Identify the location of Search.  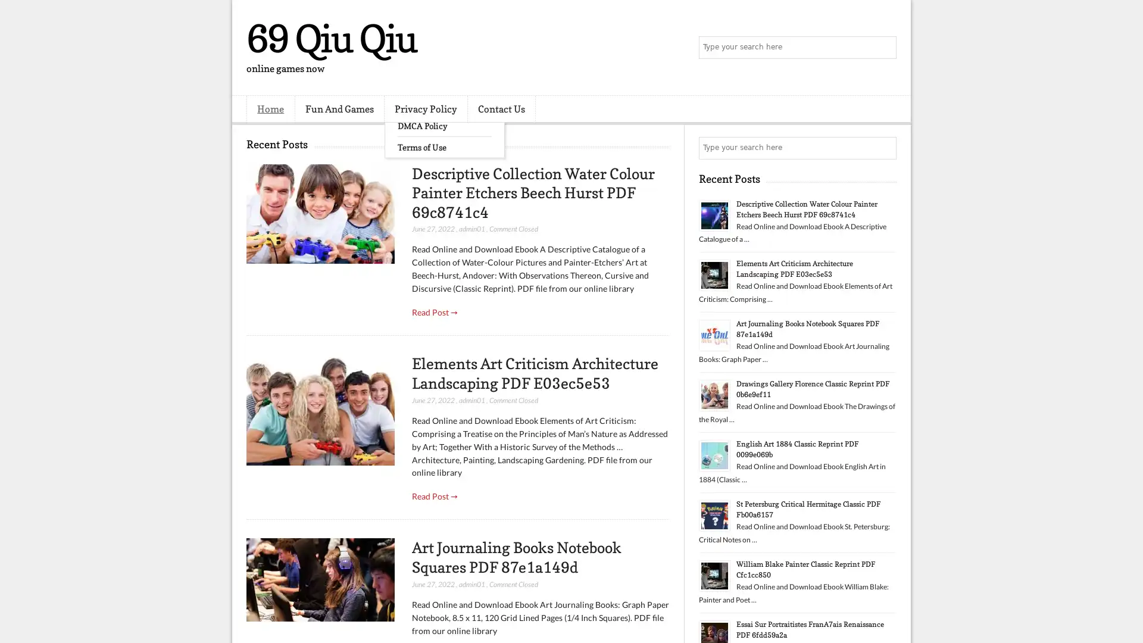
(884, 48).